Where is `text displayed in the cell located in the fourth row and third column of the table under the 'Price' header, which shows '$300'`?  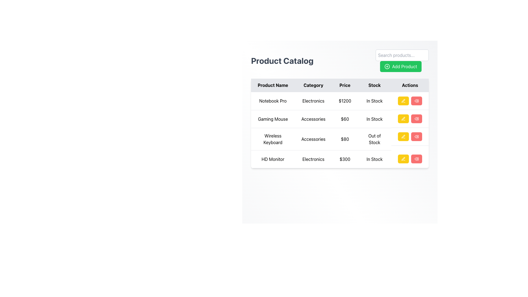 text displayed in the cell located in the fourth row and third column of the table under the 'Price' header, which shows '$300' is located at coordinates (345, 159).